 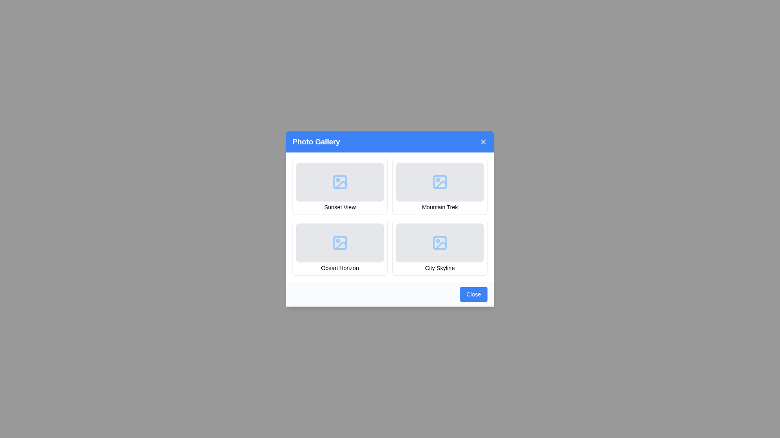 What do you see at coordinates (483, 142) in the screenshot?
I see `the small square button with an 'X' icon, located at the top-right corner of the 'Photo Gallery' header, to potentially display a tooltip` at bounding box center [483, 142].